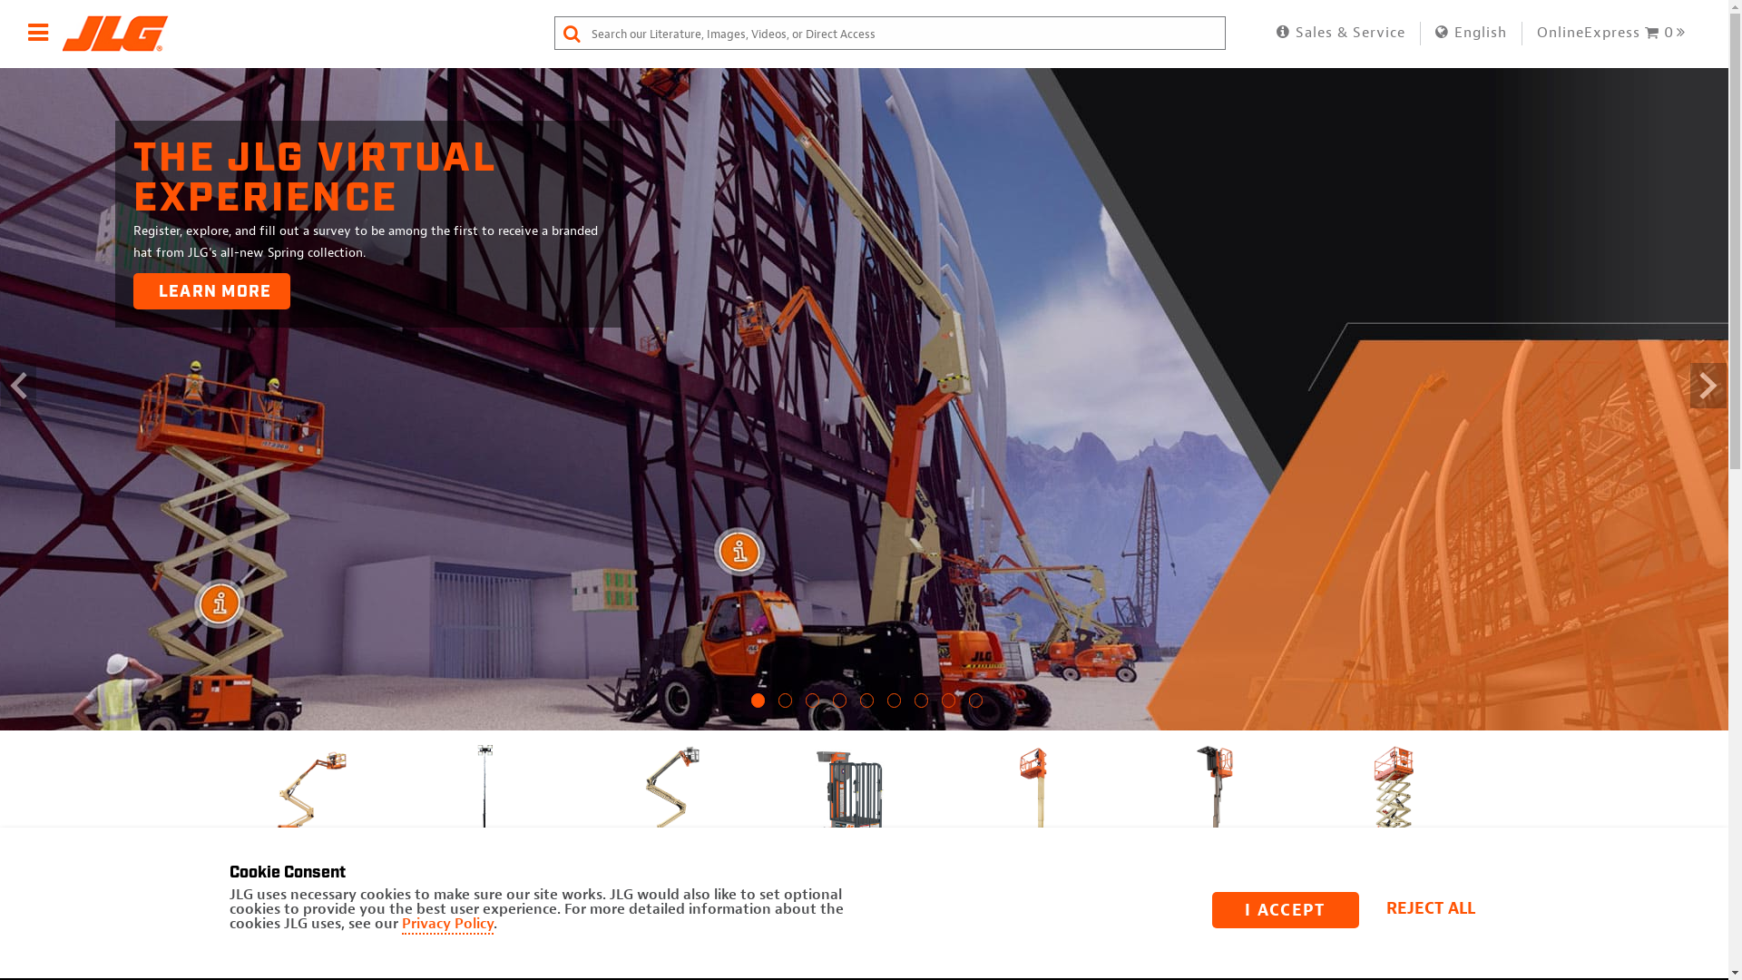 The image size is (1742, 980). What do you see at coordinates (974, 706) in the screenshot?
I see `'9'` at bounding box center [974, 706].